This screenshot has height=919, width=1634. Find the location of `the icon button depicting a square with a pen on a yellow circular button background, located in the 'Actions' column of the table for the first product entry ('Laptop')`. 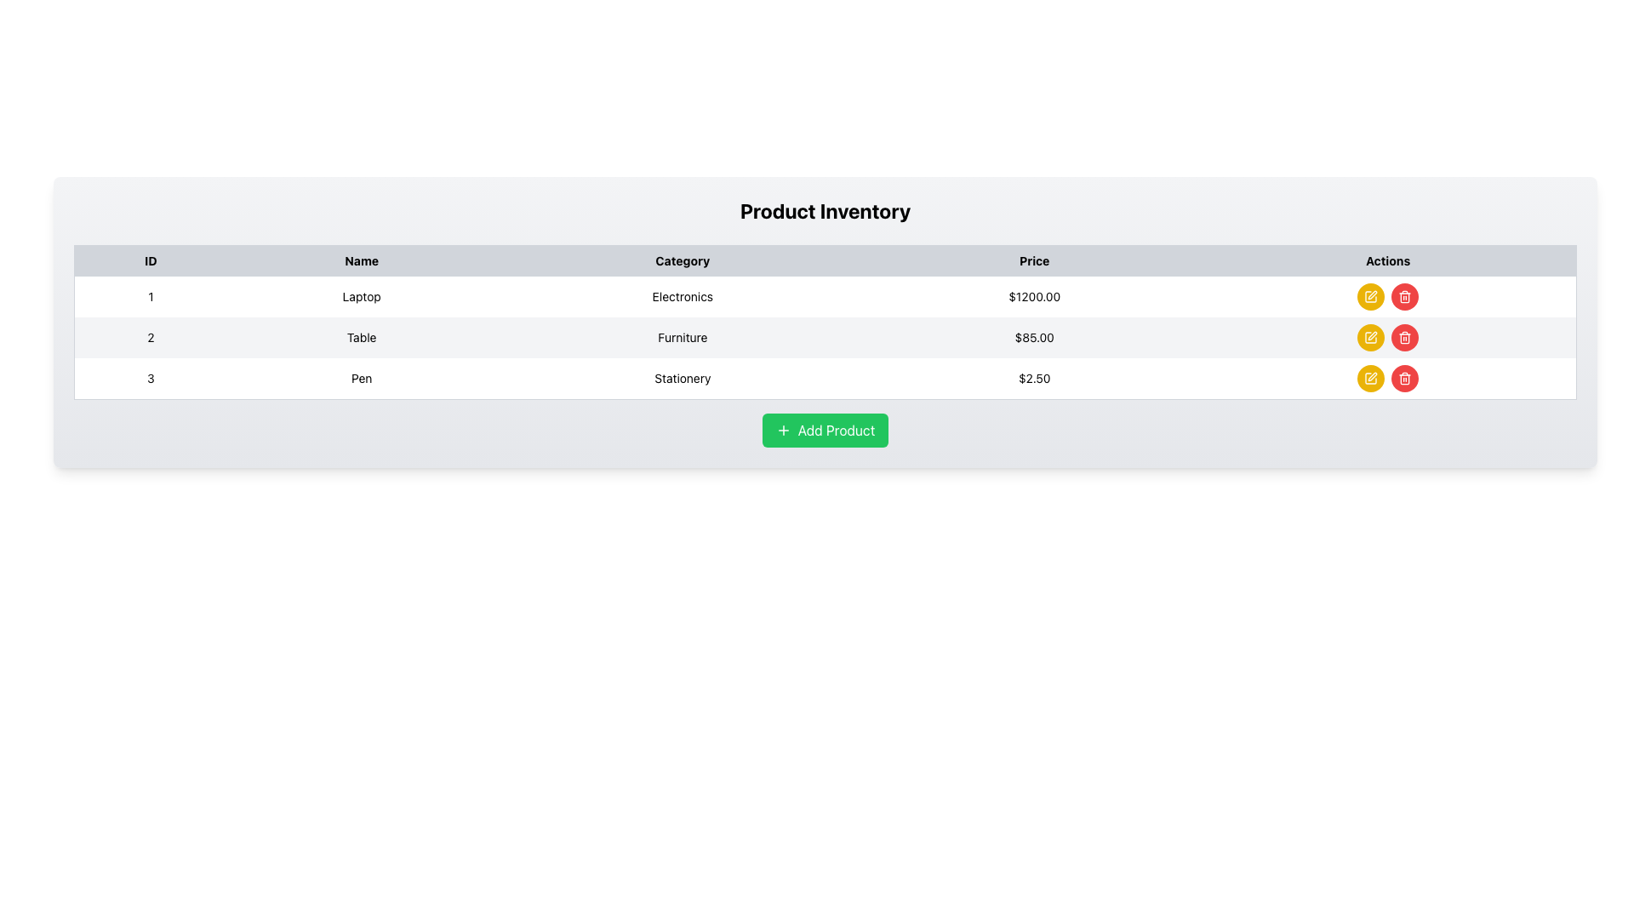

the icon button depicting a square with a pen on a yellow circular button background, located in the 'Actions' column of the table for the first product entry ('Laptop') is located at coordinates (1371, 295).